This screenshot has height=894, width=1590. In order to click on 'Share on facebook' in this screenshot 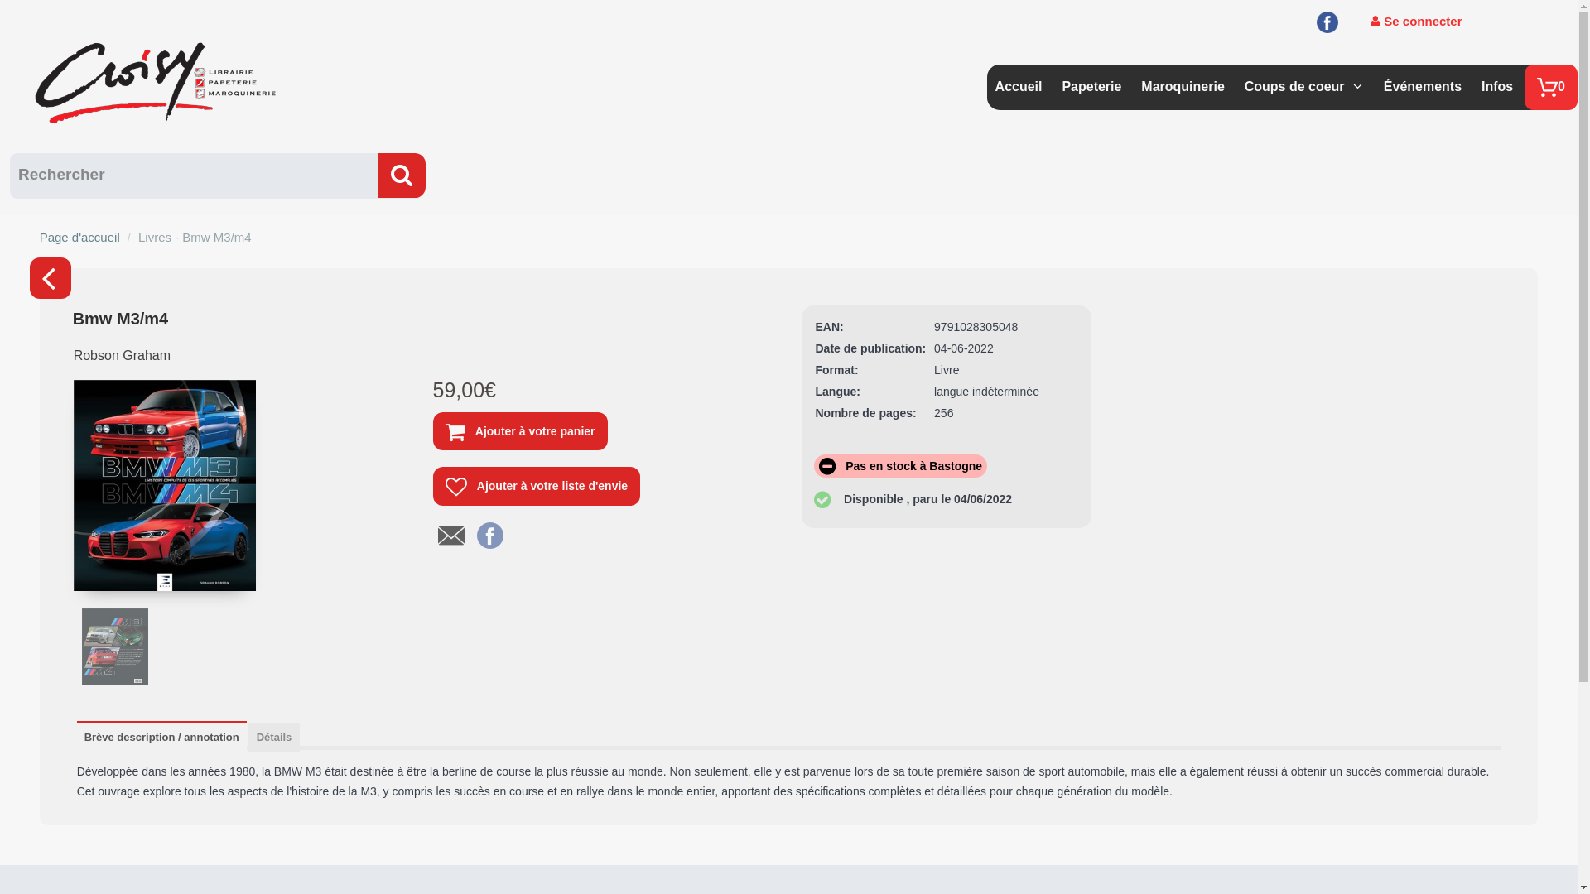, I will do `click(489, 533)`.